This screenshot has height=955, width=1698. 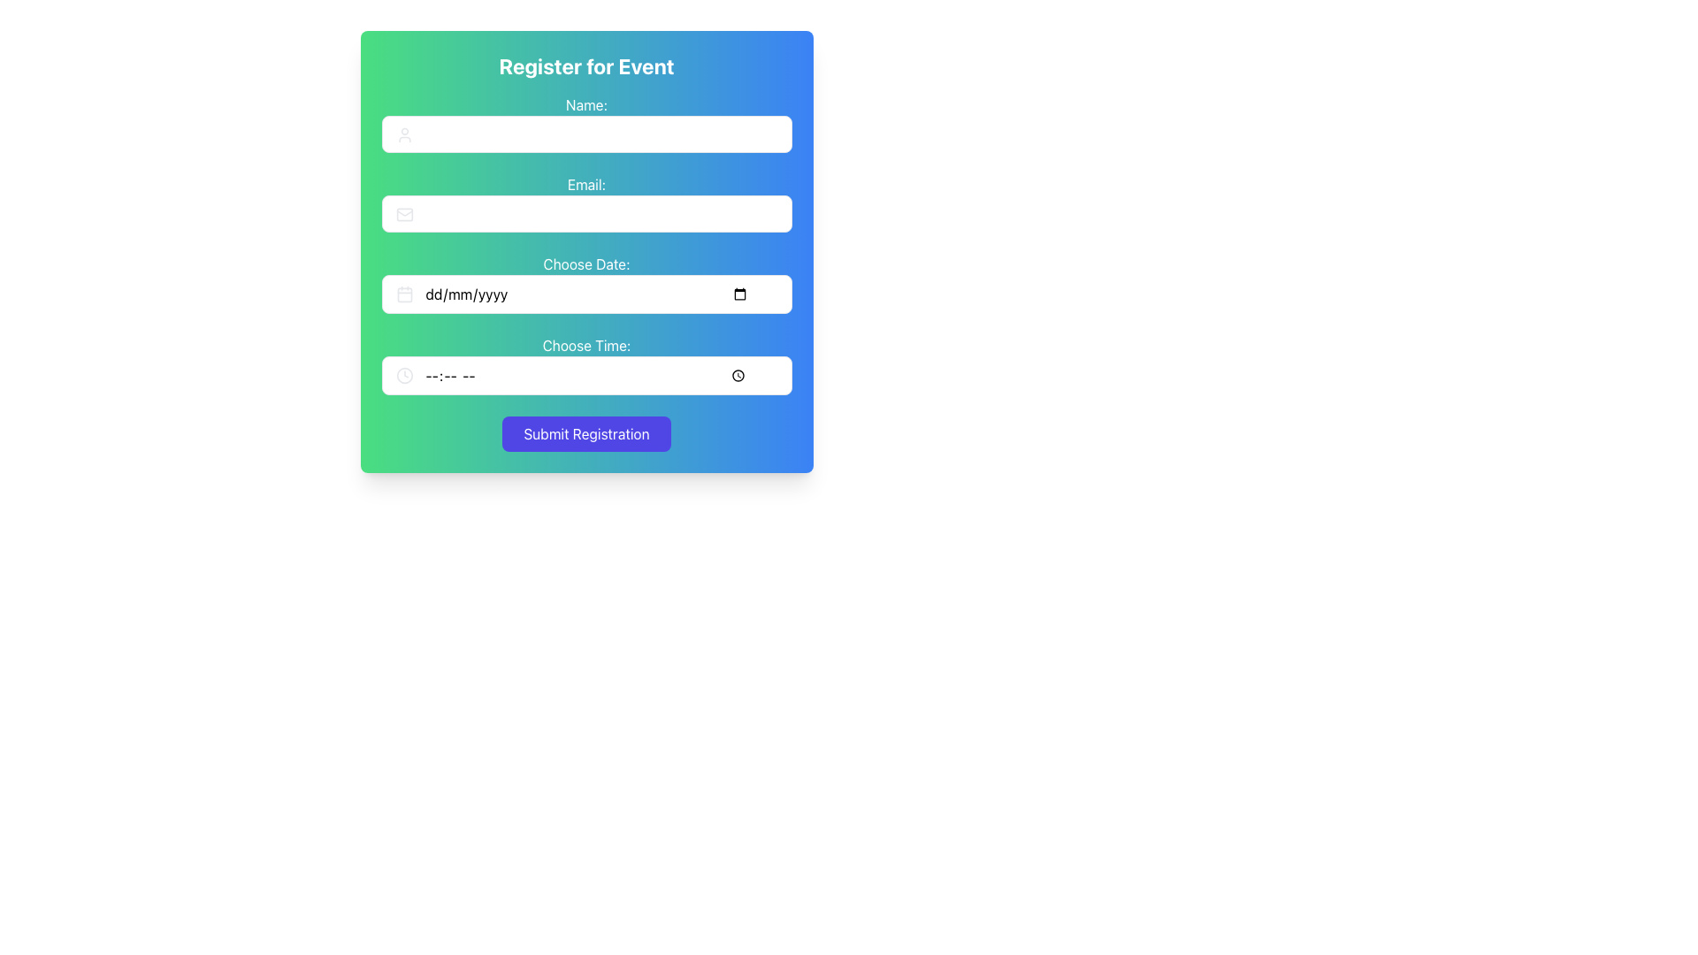 I want to click on the visual representation of the calendar icon located at the beginning of the 'Choose Date' input field in the registration form, so click(x=403, y=293).